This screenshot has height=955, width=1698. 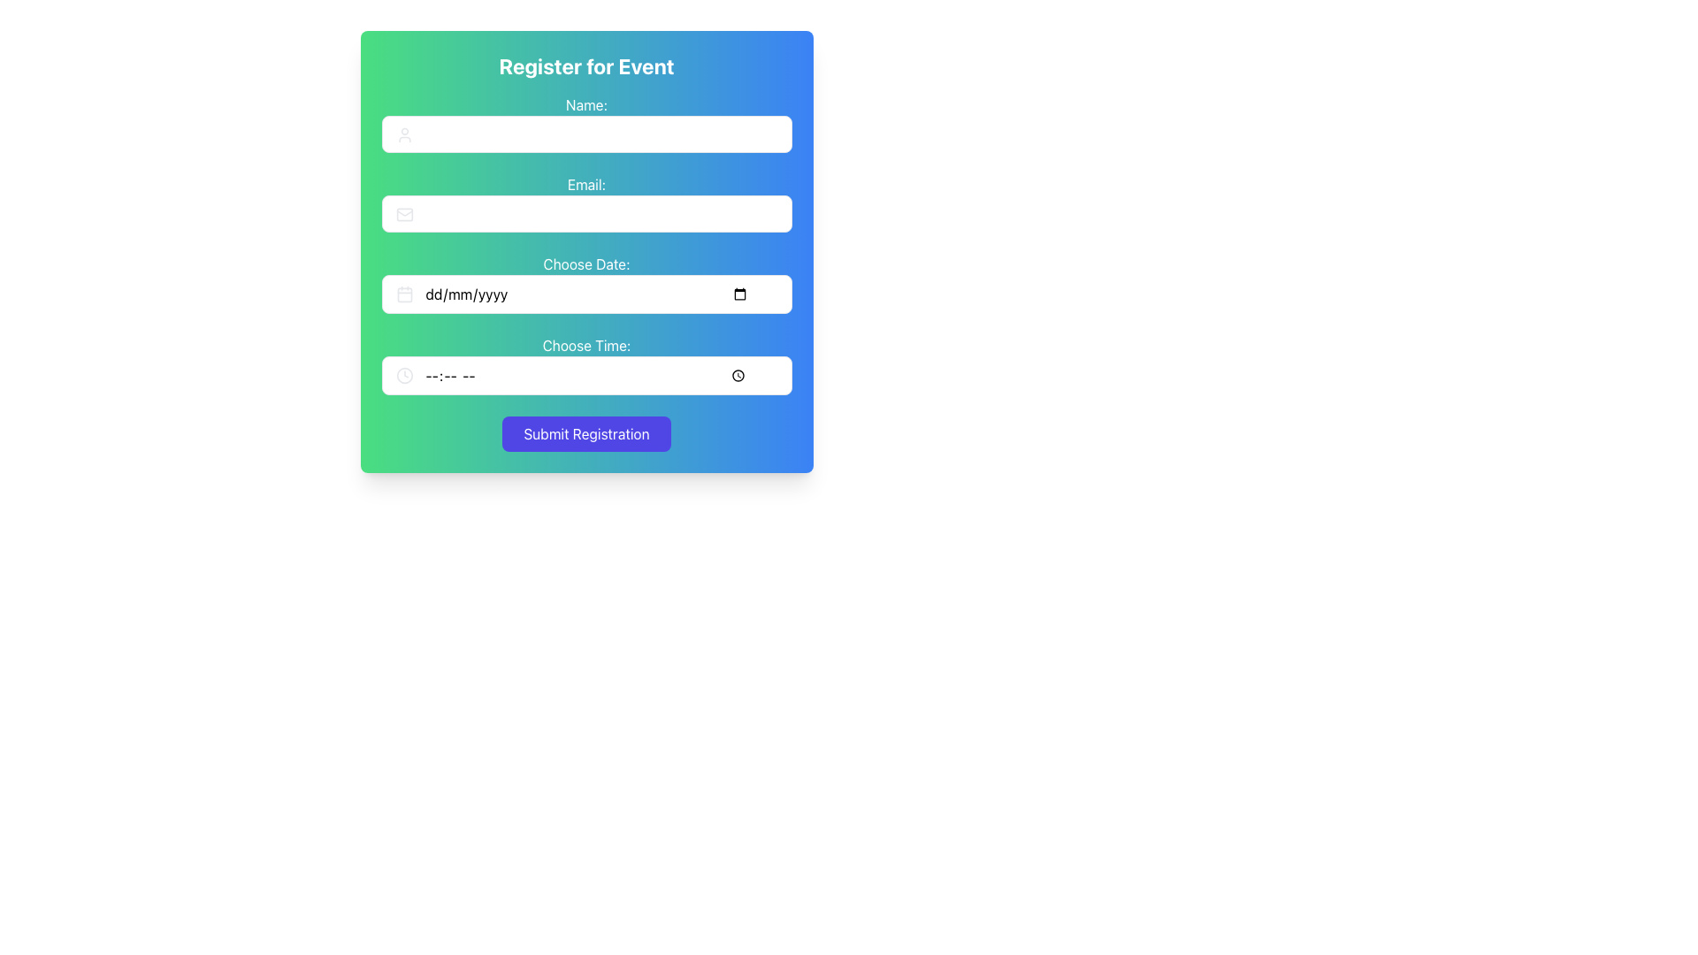 I want to click on the visual representation of the calendar icon located at the beginning of the 'Choose Date' input field in the registration form, so click(x=403, y=293).